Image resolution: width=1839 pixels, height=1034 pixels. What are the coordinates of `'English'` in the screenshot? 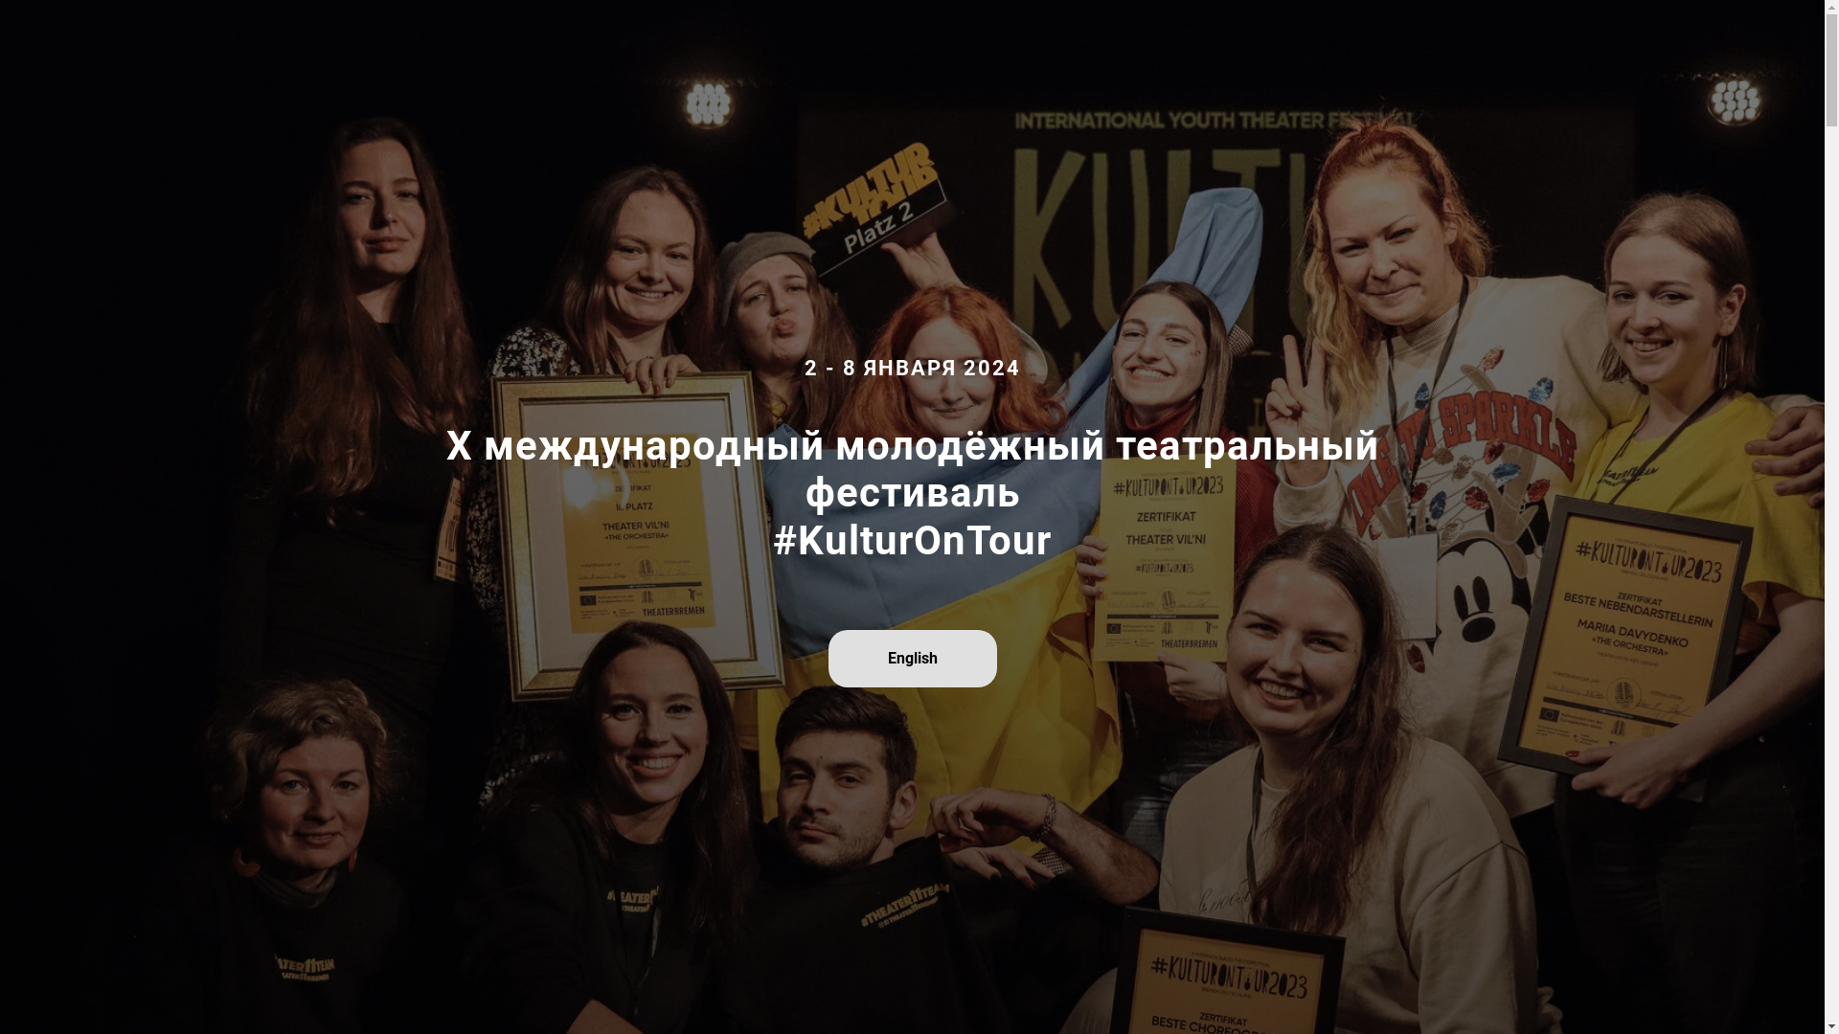 It's located at (910, 657).